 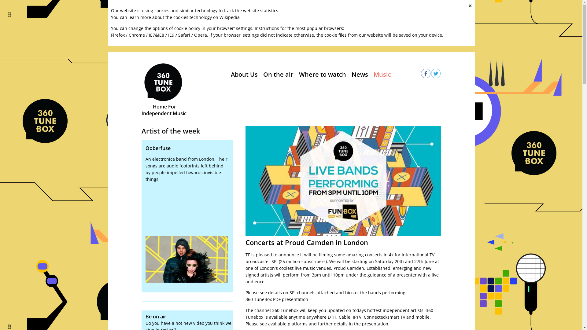 What do you see at coordinates (373, 74) in the screenshot?
I see `'Music'` at bounding box center [373, 74].